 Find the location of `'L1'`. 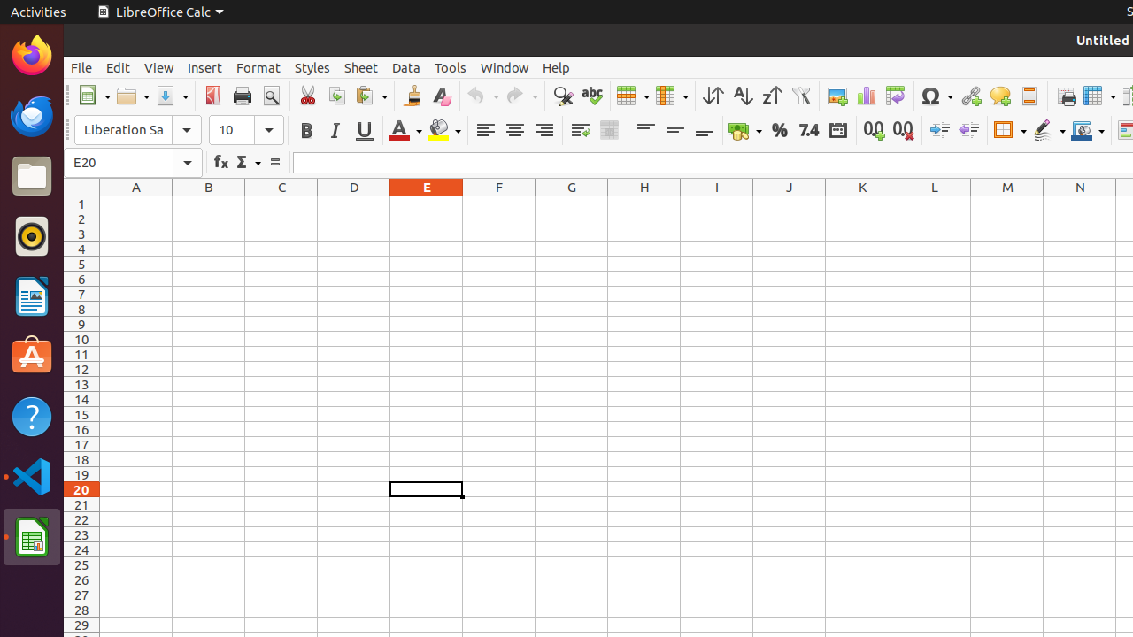

'L1' is located at coordinates (934, 203).